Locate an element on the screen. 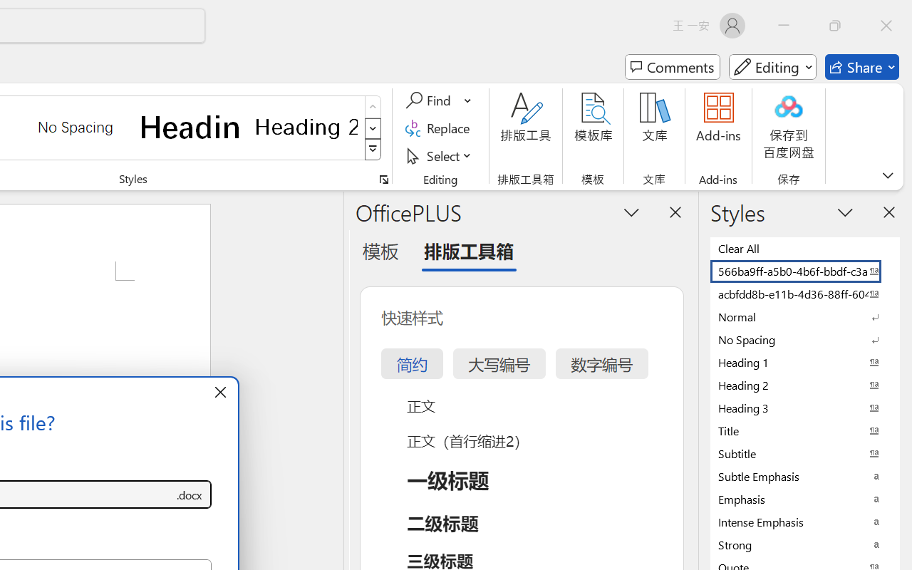 The height and width of the screenshot is (570, 912). 'Minimize' is located at coordinates (783, 25).